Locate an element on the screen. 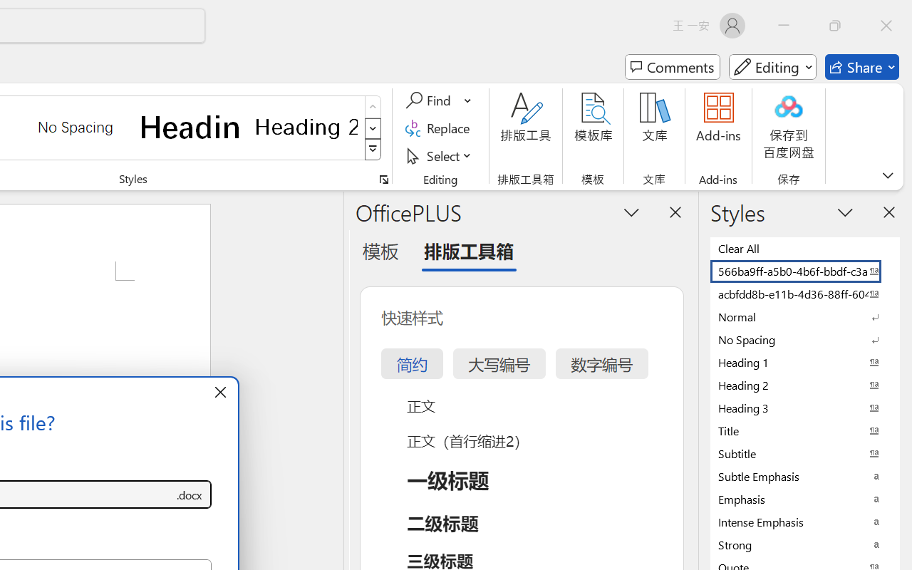 The height and width of the screenshot is (570, 912). 'Minimize' is located at coordinates (783, 25).